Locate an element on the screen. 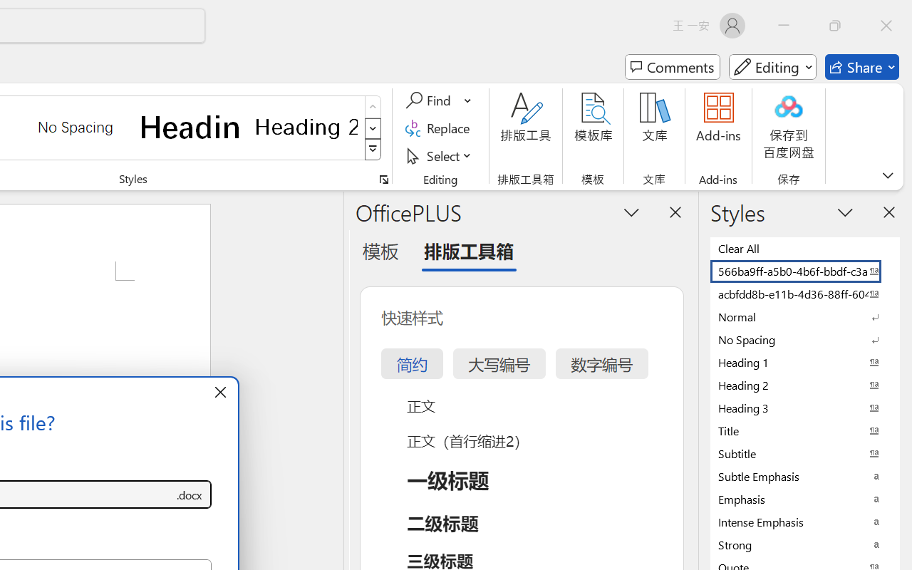 The height and width of the screenshot is (570, 912). 'Minimize' is located at coordinates (783, 25).